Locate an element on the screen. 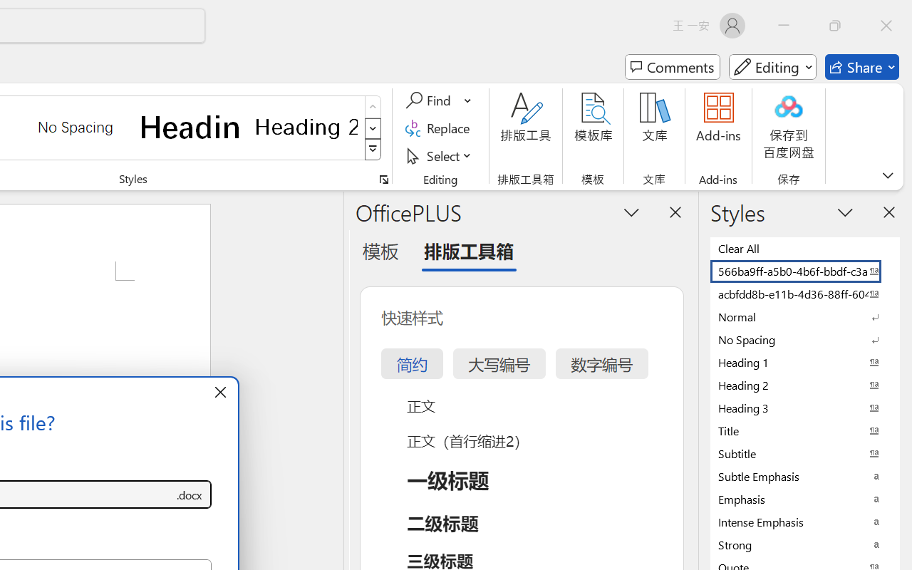 The height and width of the screenshot is (570, 912). 'Minimize' is located at coordinates (783, 25).